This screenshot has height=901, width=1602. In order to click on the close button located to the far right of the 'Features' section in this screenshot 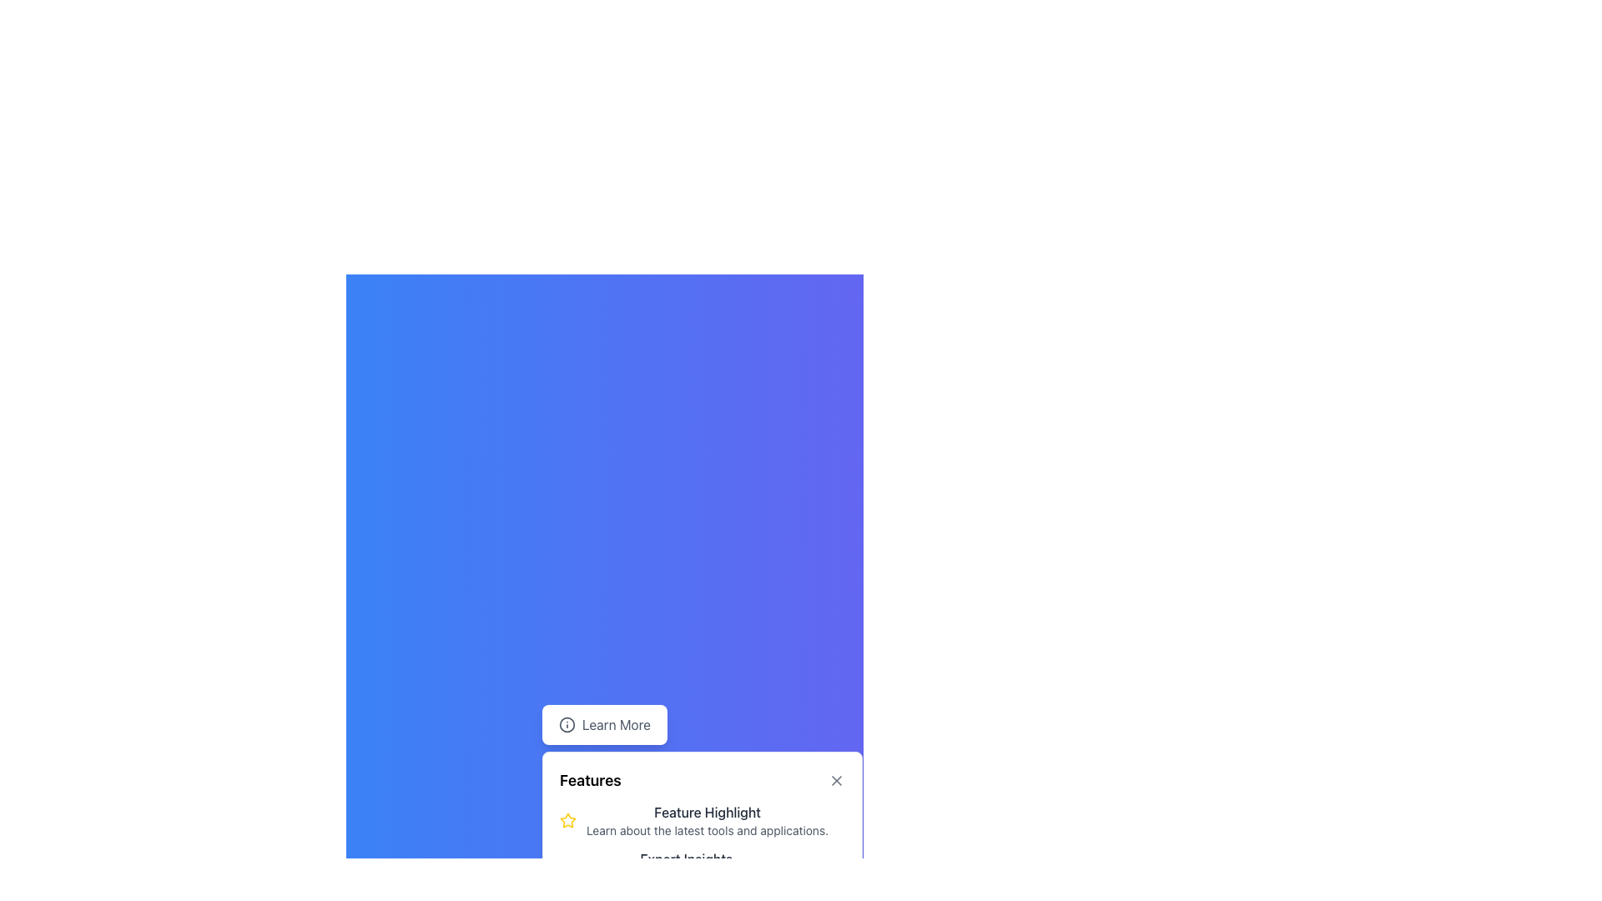, I will do `click(837, 781)`.